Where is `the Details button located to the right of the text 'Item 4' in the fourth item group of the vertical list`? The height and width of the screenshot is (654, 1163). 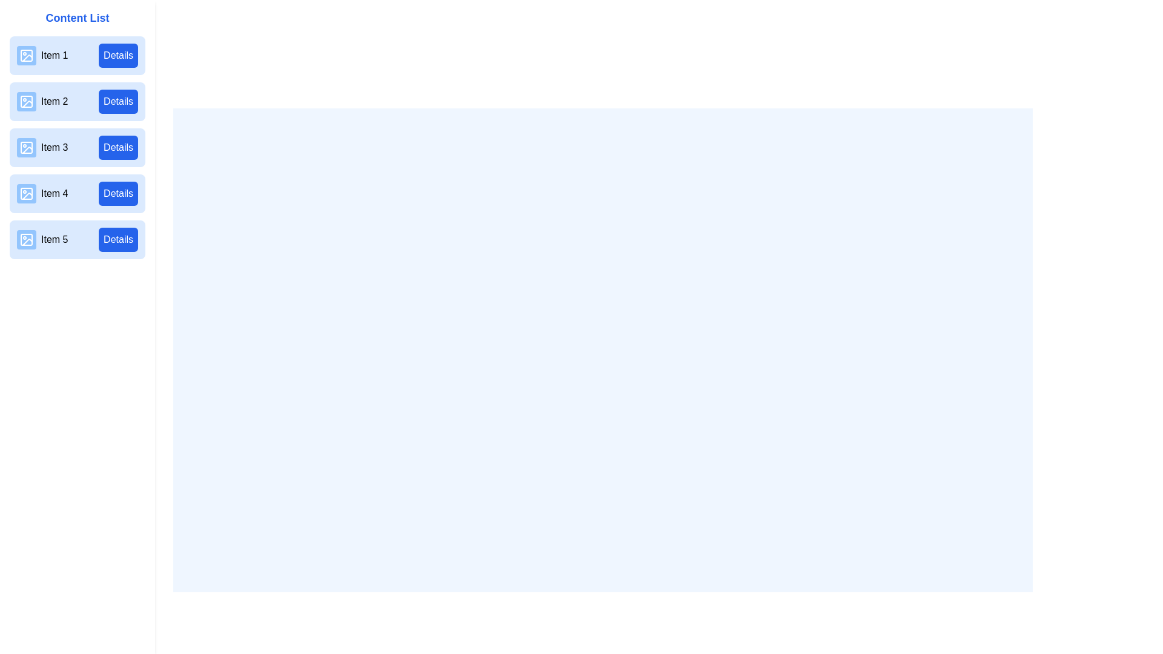
the Details button located to the right of the text 'Item 4' in the fourth item group of the vertical list is located at coordinates (118, 193).